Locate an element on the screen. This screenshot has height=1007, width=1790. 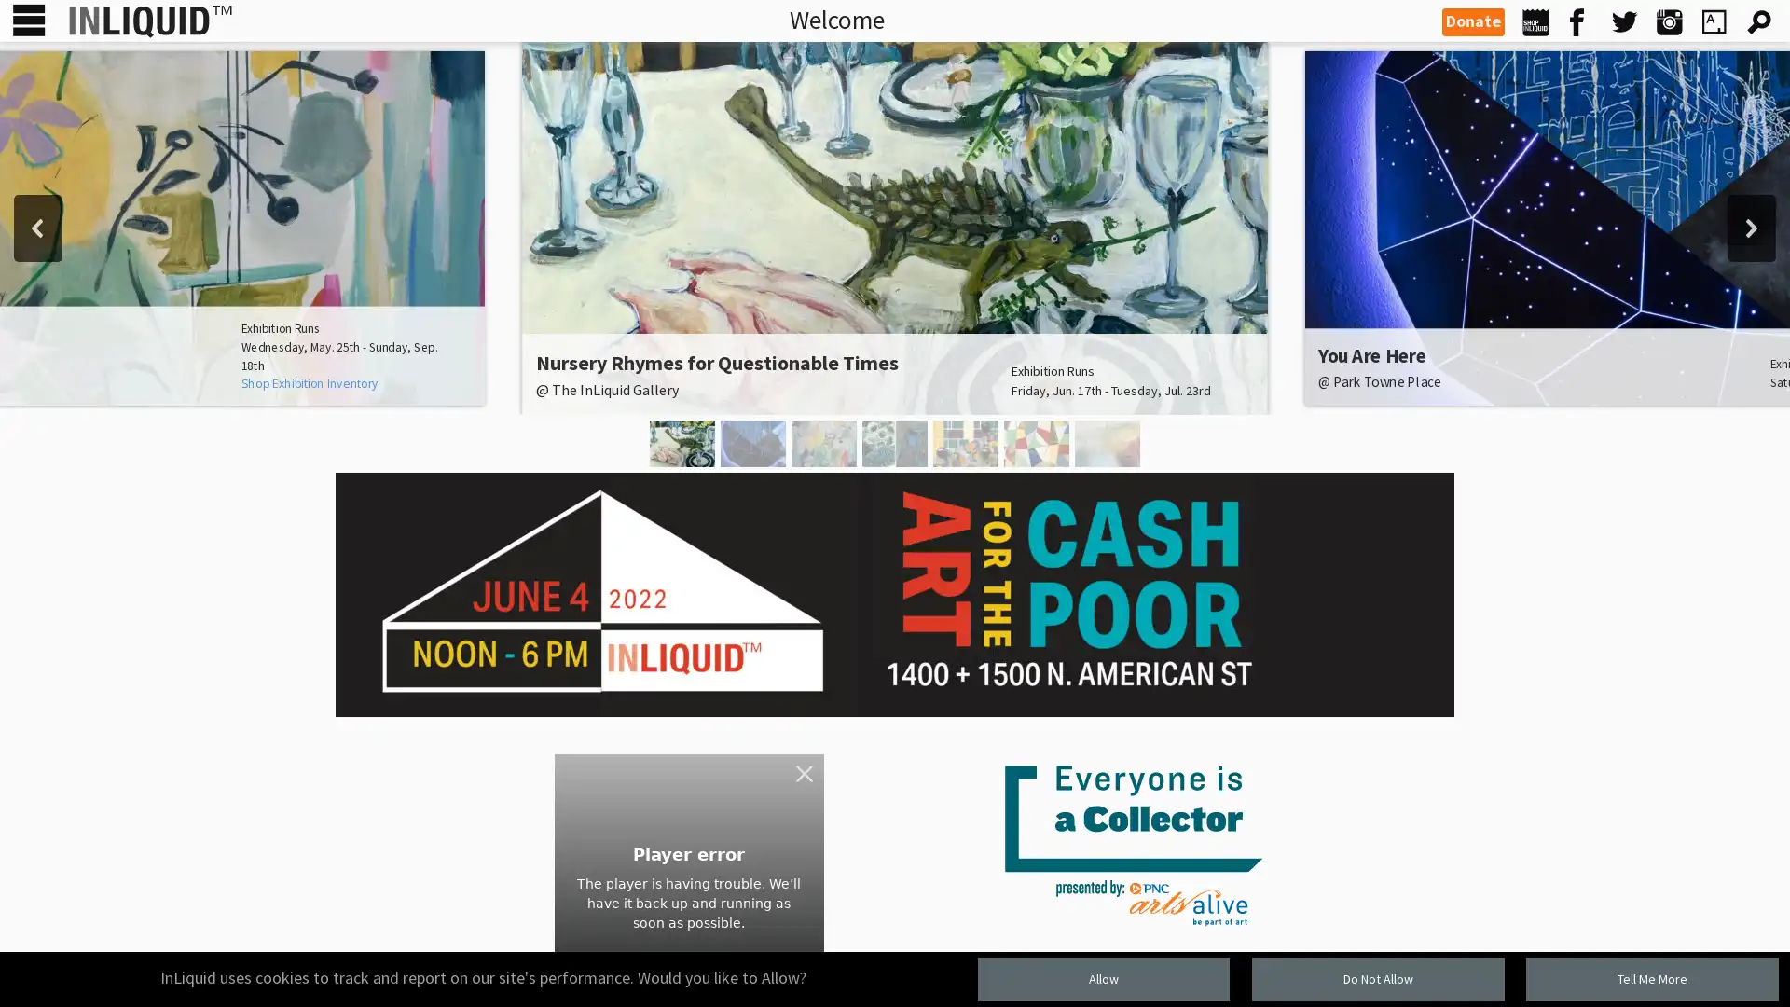
Justin Snow is located at coordinates (1107, 443).